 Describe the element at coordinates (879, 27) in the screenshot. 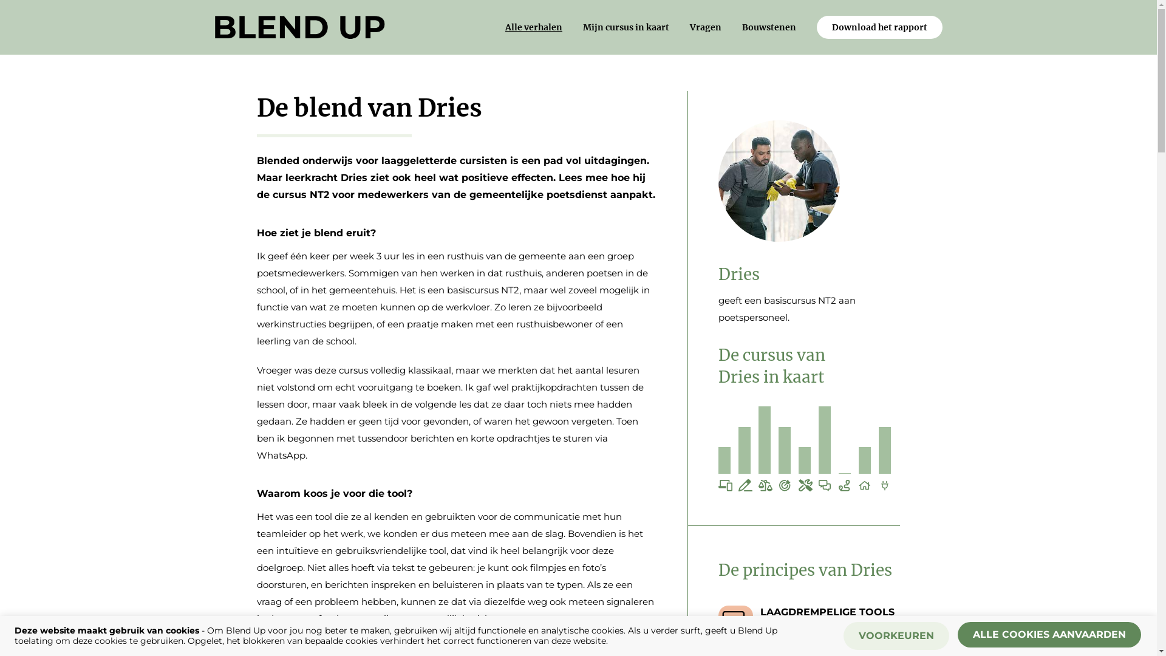

I see `'Download het rapport'` at that location.